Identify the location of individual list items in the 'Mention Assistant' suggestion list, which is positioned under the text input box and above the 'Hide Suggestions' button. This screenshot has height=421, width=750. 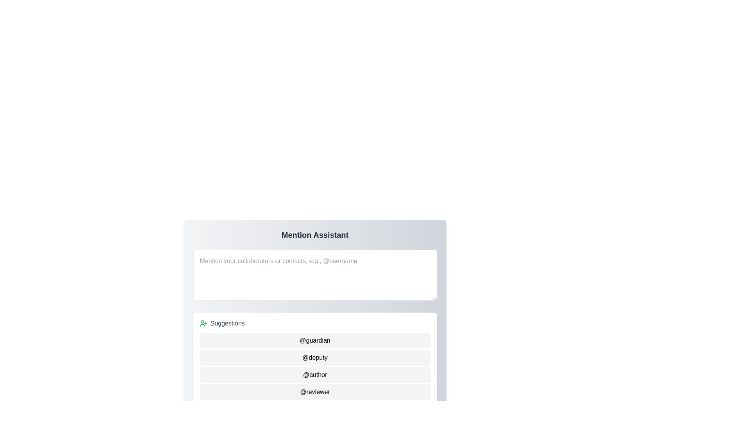
(315, 359).